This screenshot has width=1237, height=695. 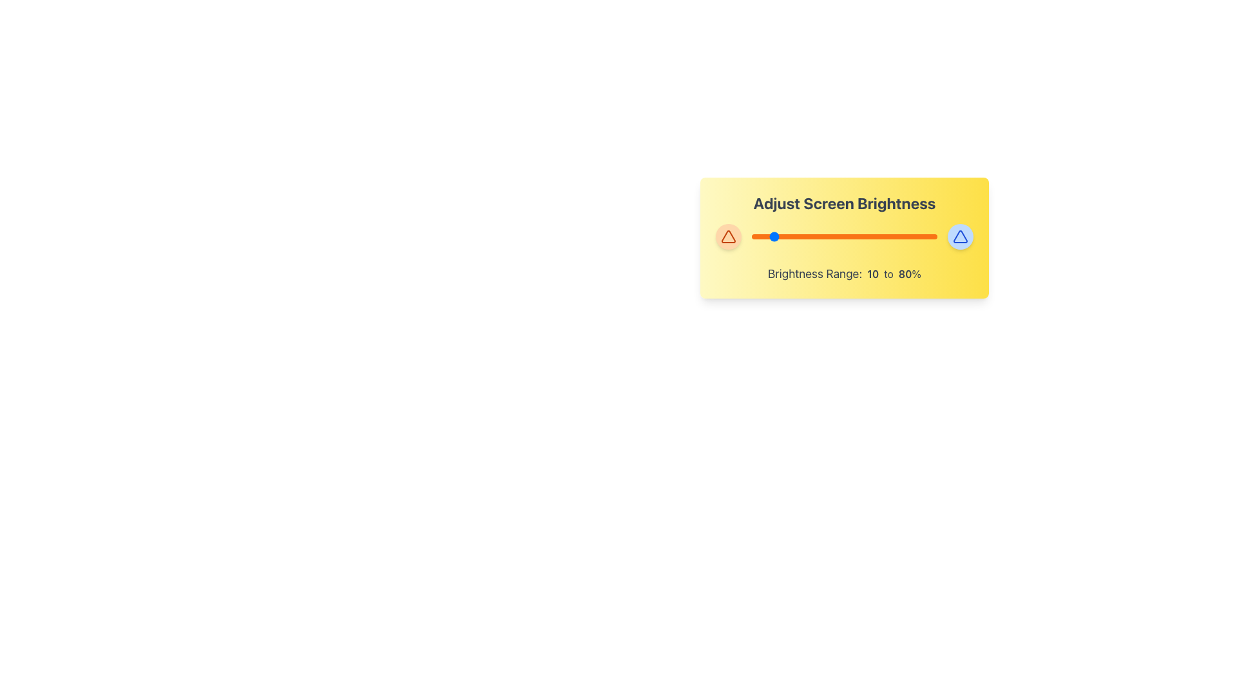 What do you see at coordinates (770, 236) in the screenshot?
I see `the brightness level` at bounding box center [770, 236].